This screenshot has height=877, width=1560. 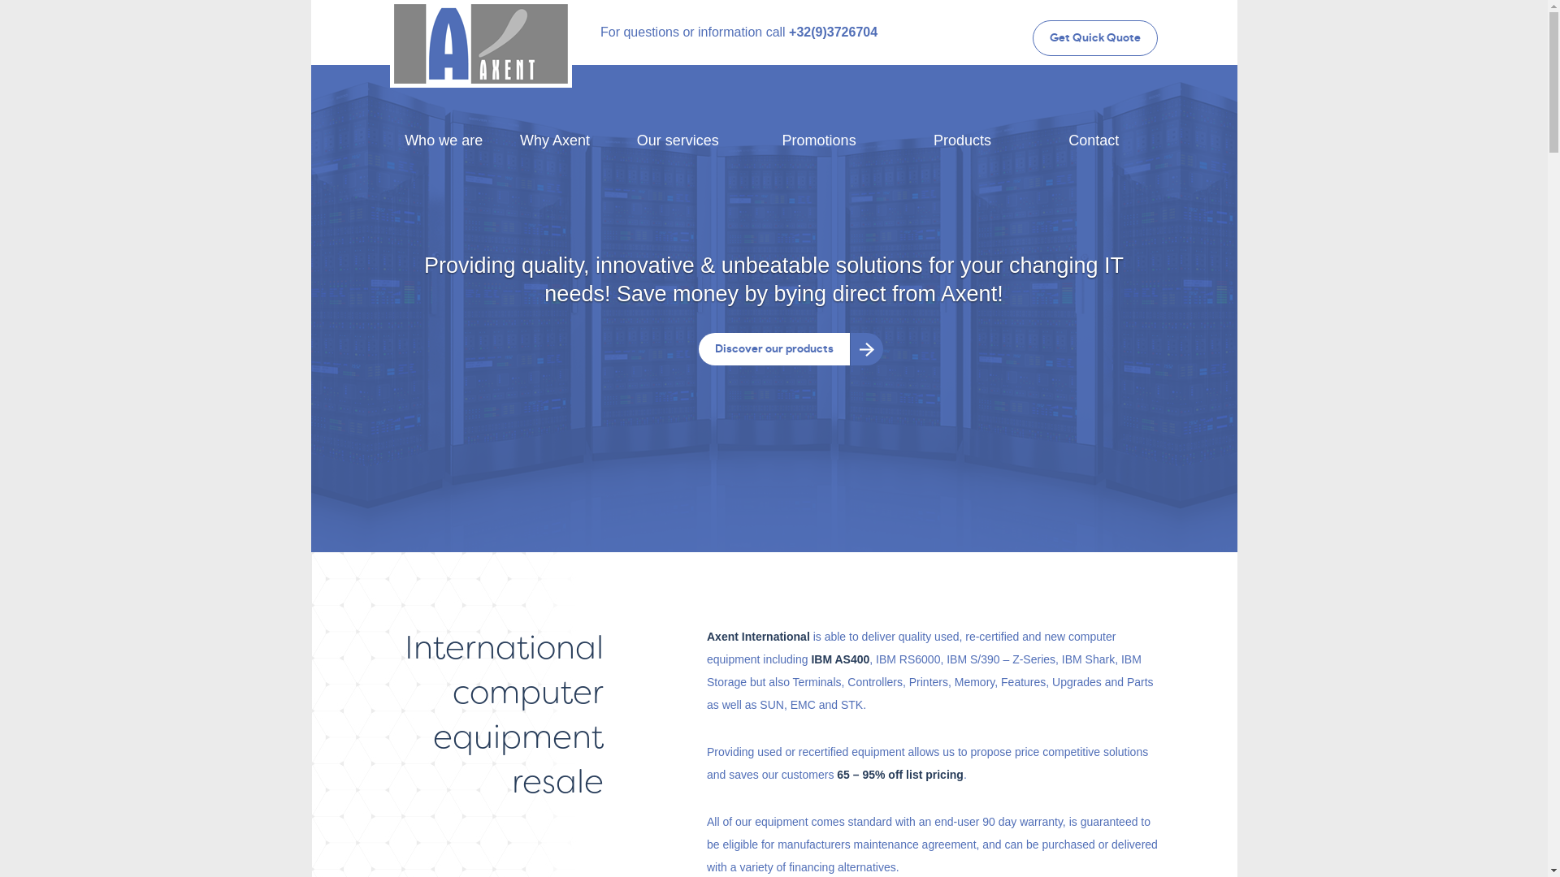 What do you see at coordinates (833, 32) in the screenshot?
I see `'+32(9)3726704'` at bounding box center [833, 32].